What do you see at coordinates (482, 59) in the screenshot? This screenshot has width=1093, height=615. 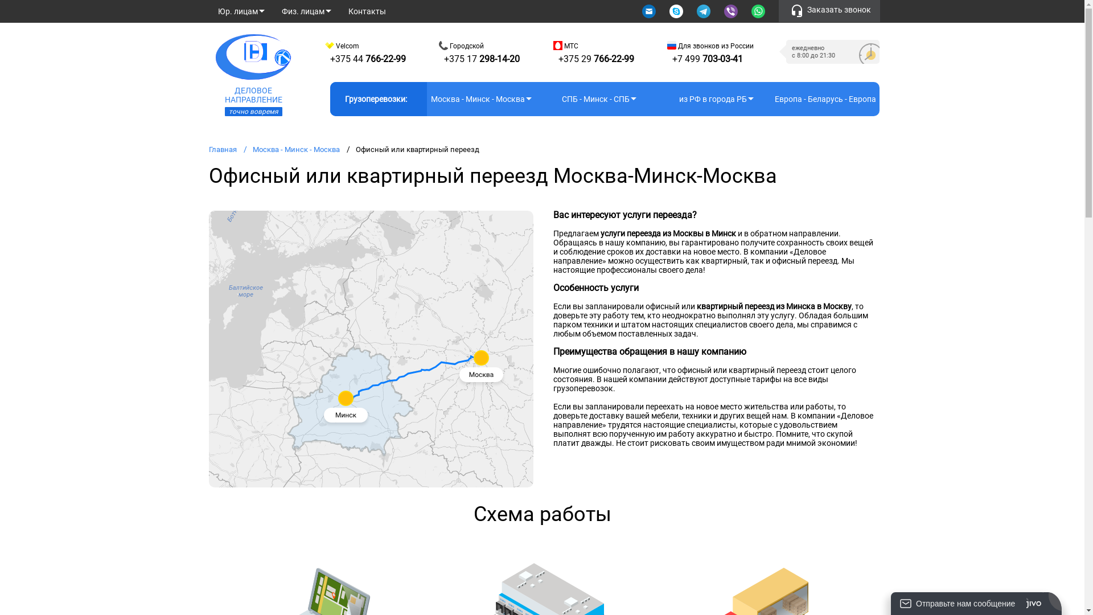 I see `'+375 17 298-14-20'` at bounding box center [482, 59].